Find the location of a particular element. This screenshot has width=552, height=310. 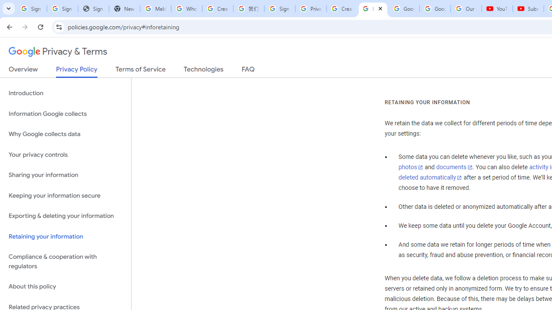

'Technologies' is located at coordinates (203, 71).